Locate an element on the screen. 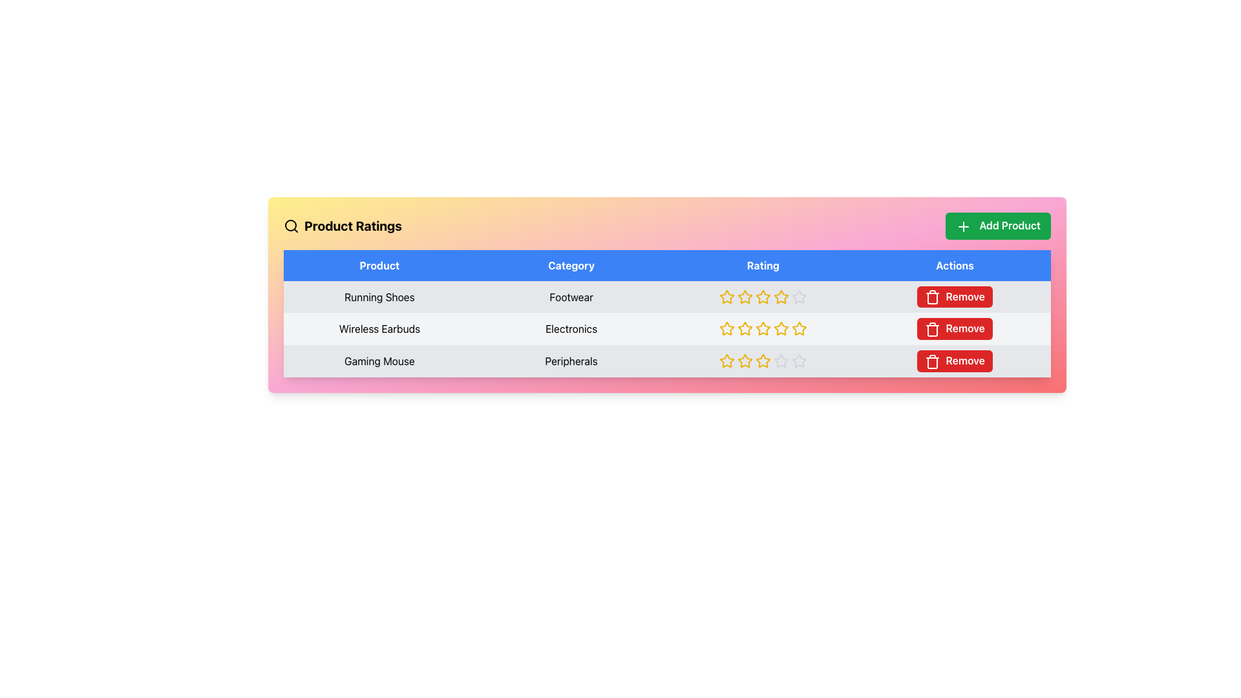 The height and width of the screenshot is (698, 1241). the third star in the rating scale for the 'Running Shoes' category is located at coordinates (780, 297).